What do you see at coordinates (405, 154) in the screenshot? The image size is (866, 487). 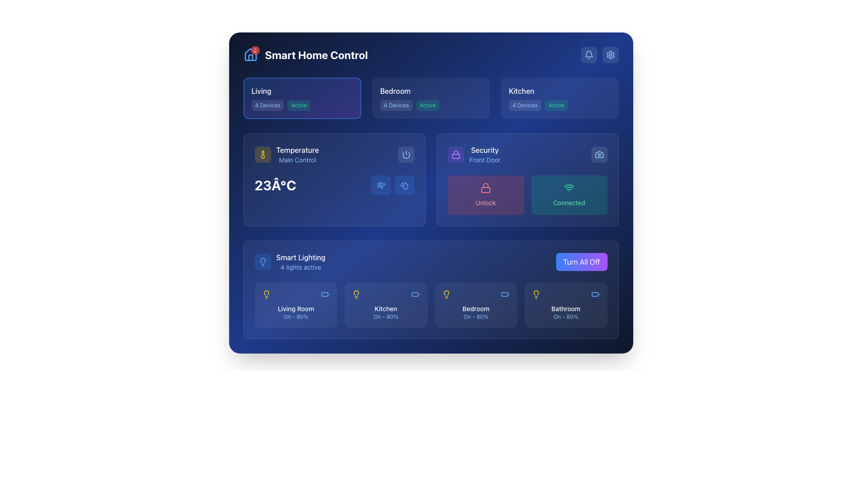 I see `the power symbol icon located in the top-right corner of the 'Temperature' card` at bounding box center [405, 154].